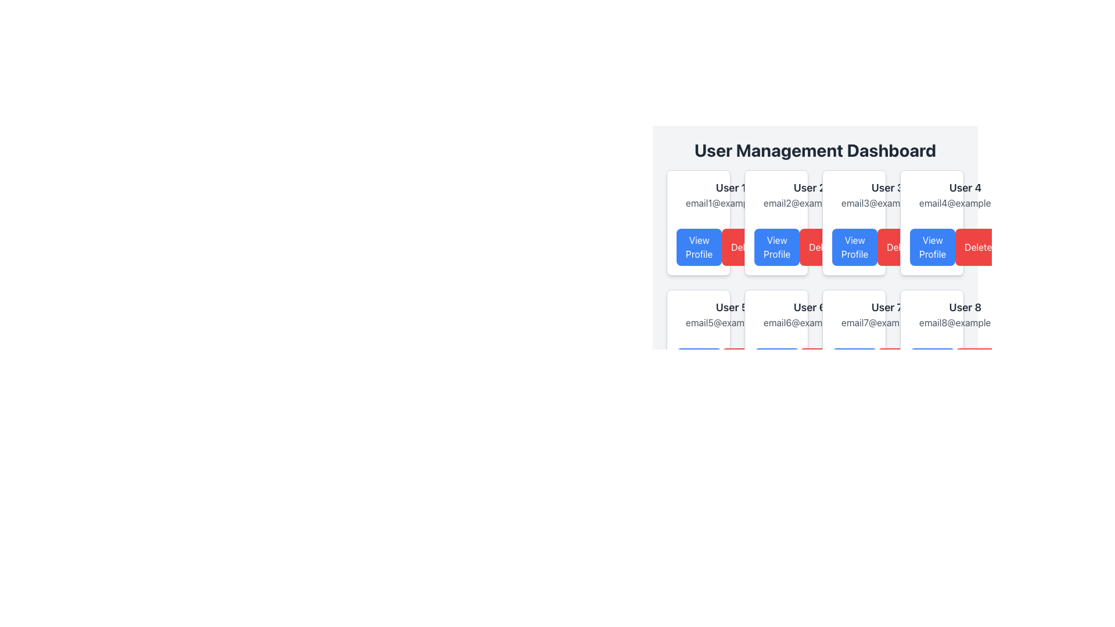 Image resolution: width=1115 pixels, height=627 pixels. What do you see at coordinates (730, 203) in the screenshot?
I see `the text label displaying the email address 'email1@example.com', which is located below the user name 'User 1' in the user management section` at bounding box center [730, 203].